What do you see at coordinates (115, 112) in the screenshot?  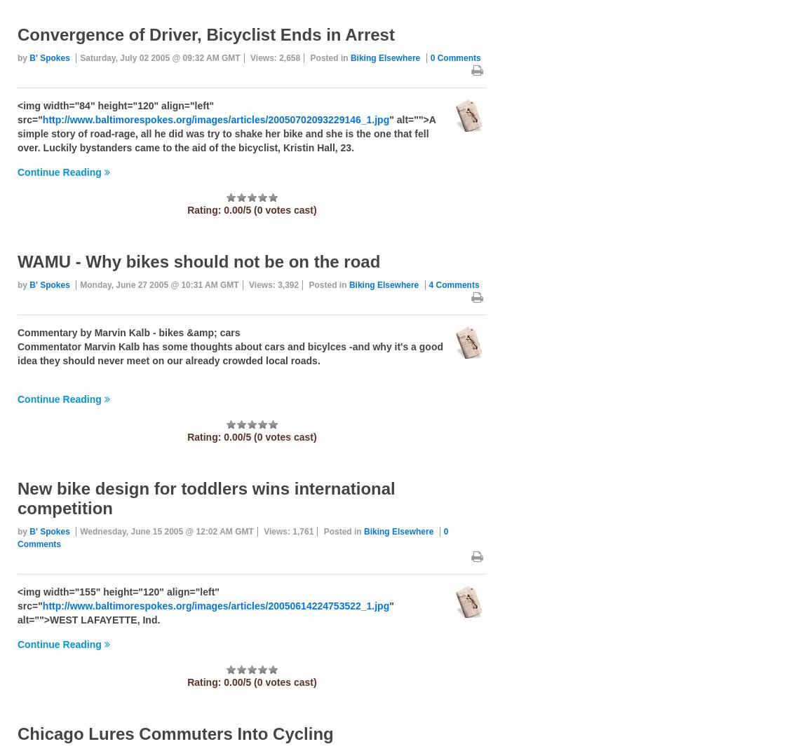 I see `'<img width="84" height="120" align="left" src="'` at bounding box center [115, 112].